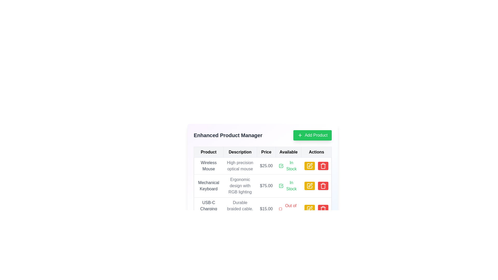 The height and width of the screenshot is (280, 498). Describe the element at coordinates (266, 209) in the screenshot. I see `the static text label displaying the price "$15.00" in the Price column of the product list` at that location.